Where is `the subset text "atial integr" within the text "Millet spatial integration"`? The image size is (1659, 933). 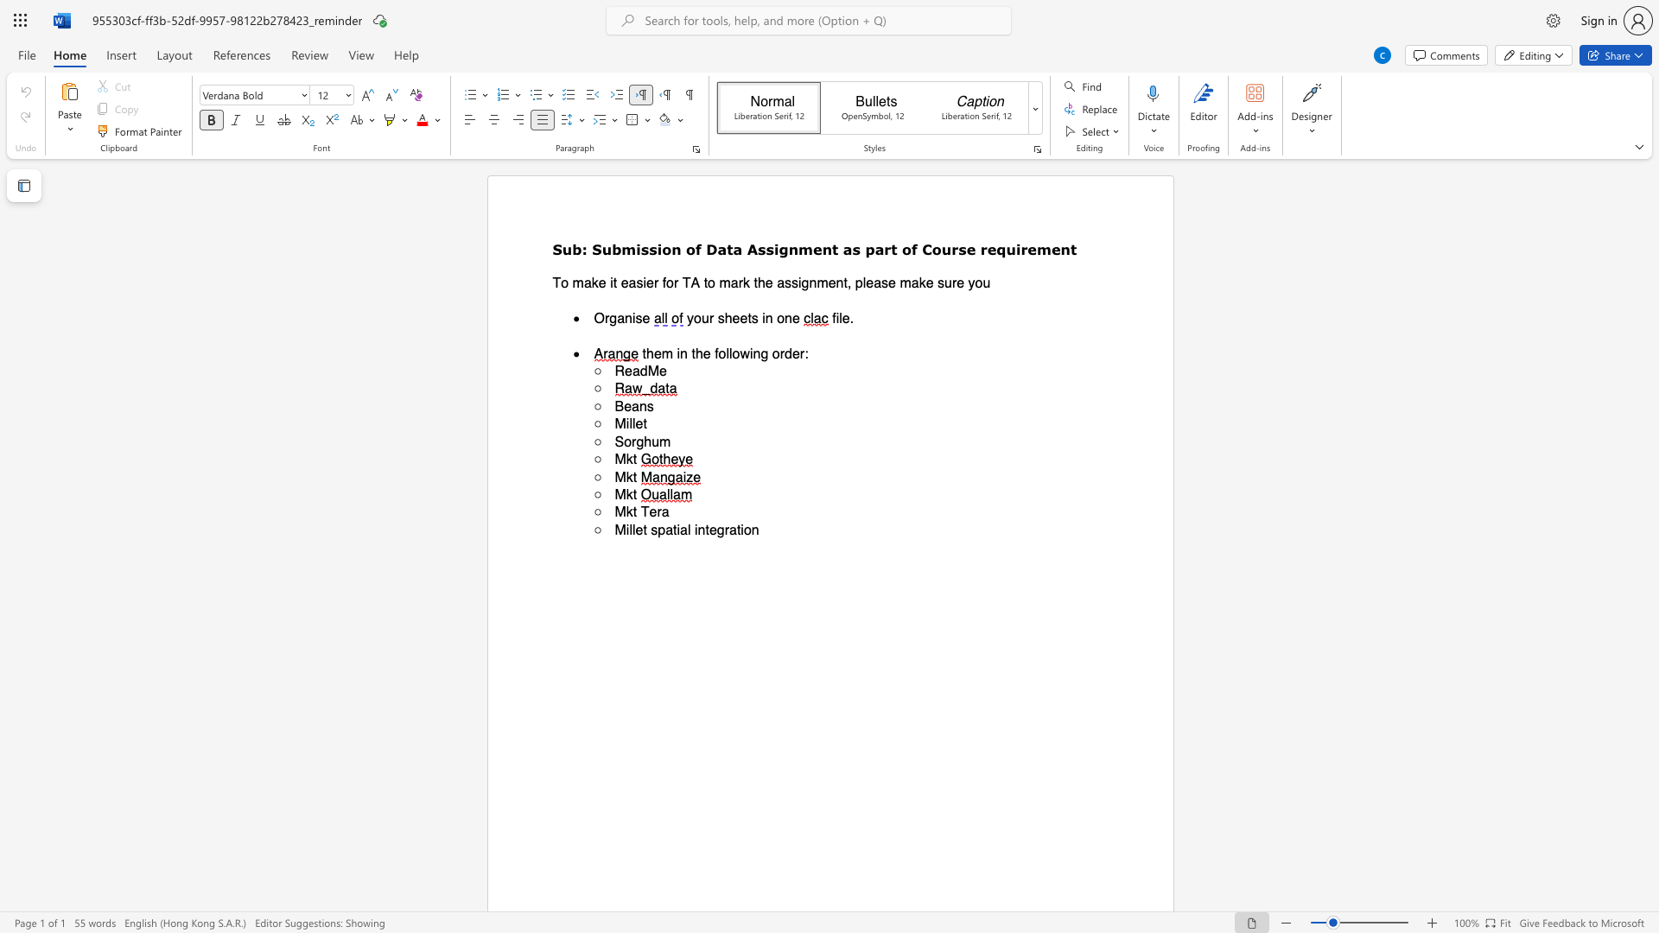
the subset text "atial integr" within the text "Millet spatial integration" is located at coordinates (664, 529).